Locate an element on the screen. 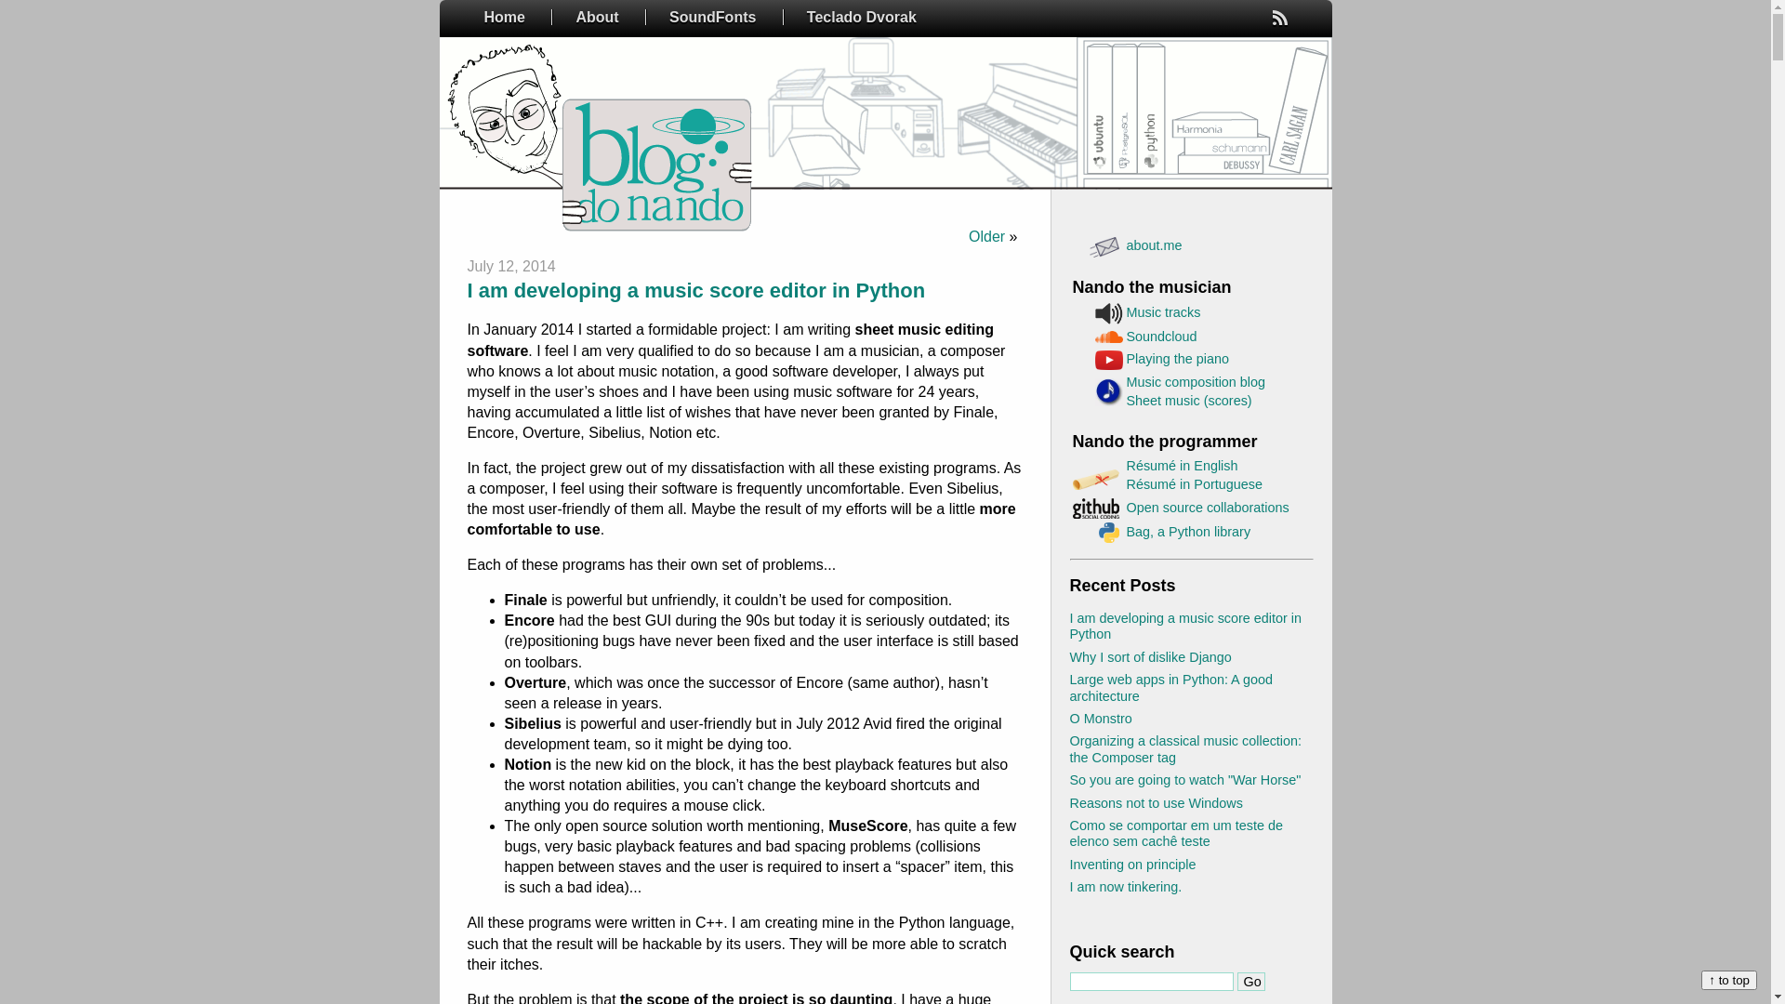  'Home' is located at coordinates (504, 17).